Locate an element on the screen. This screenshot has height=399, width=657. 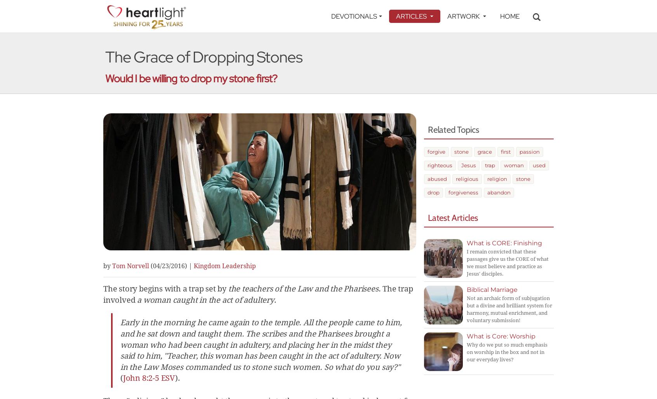
'the teachers of the Law and the Pharisees' is located at coordinates (303, 288).